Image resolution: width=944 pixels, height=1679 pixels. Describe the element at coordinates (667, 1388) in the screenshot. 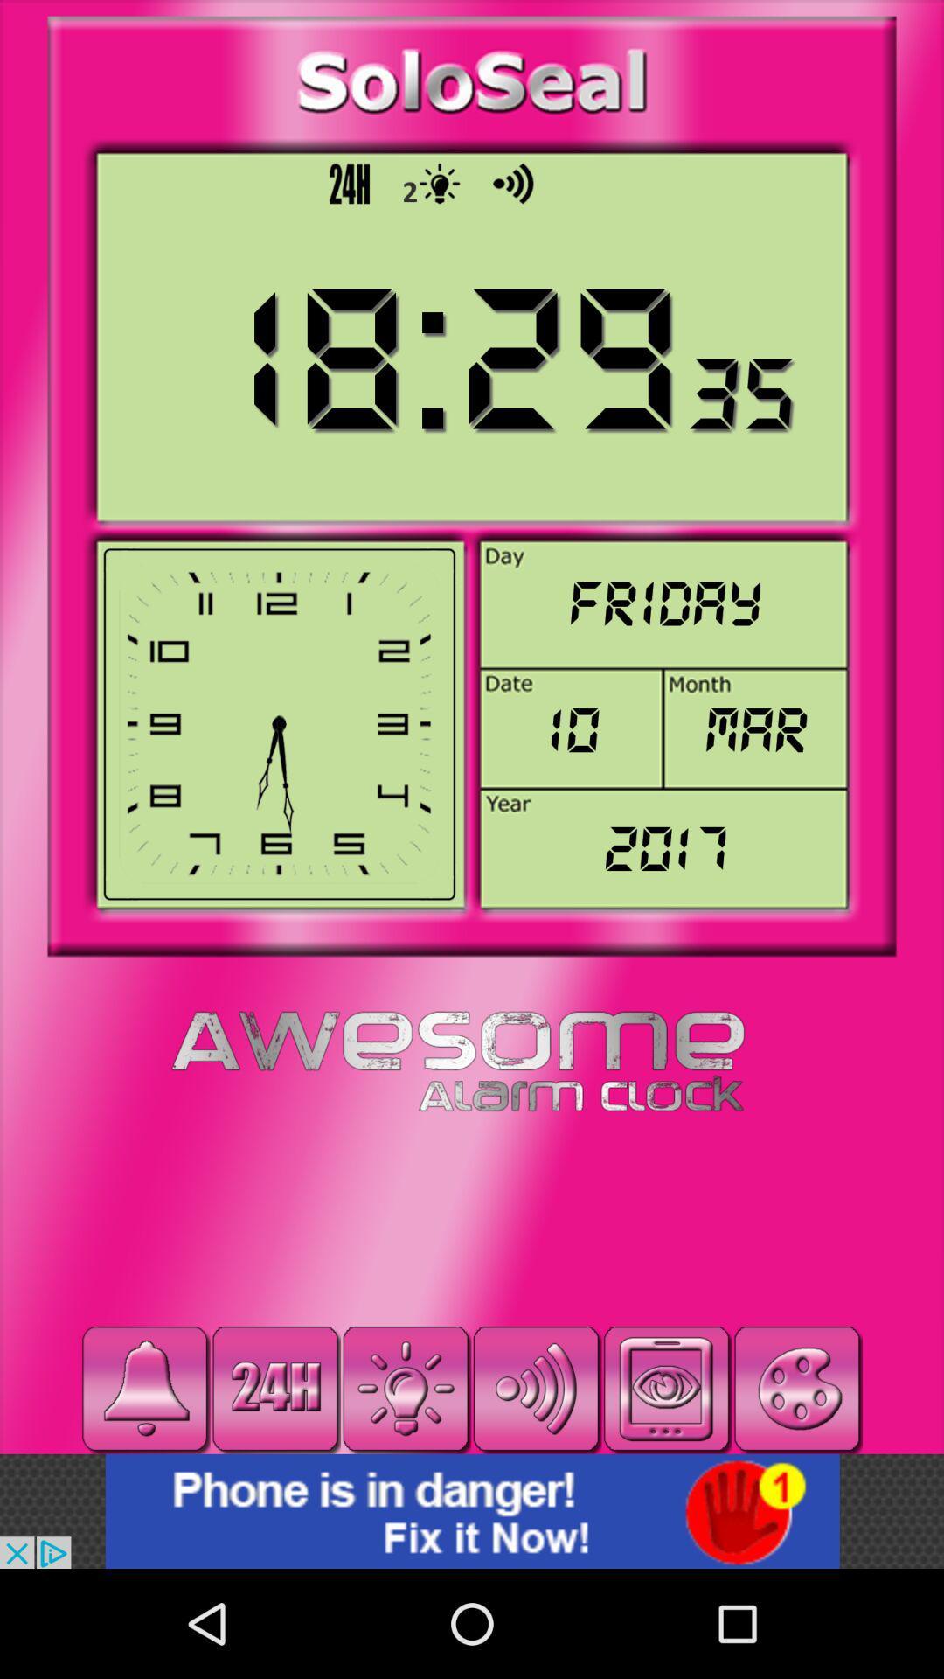

I see `option` at that location.